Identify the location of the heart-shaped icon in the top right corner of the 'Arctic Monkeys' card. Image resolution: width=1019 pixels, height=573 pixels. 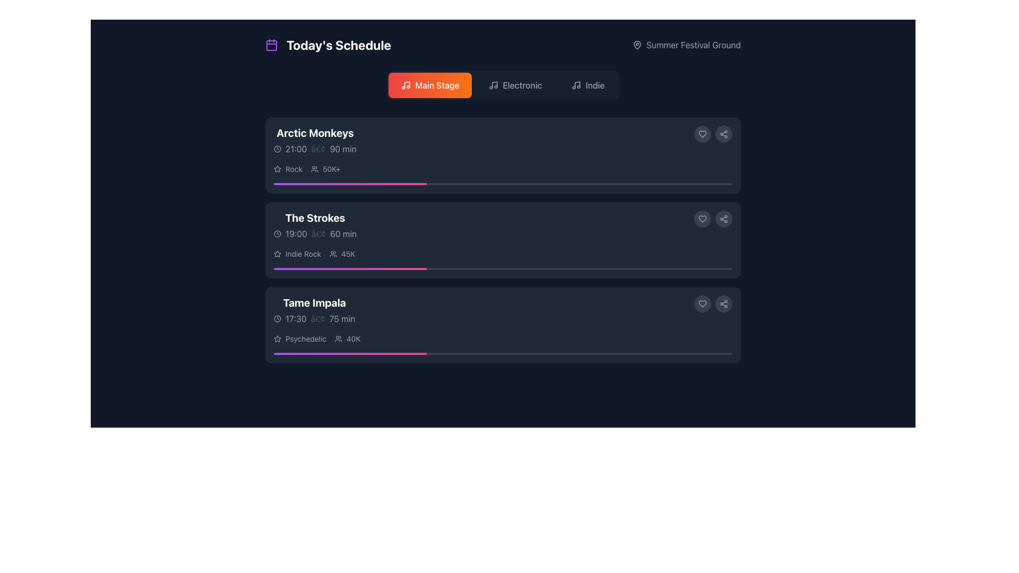
(703, 134).